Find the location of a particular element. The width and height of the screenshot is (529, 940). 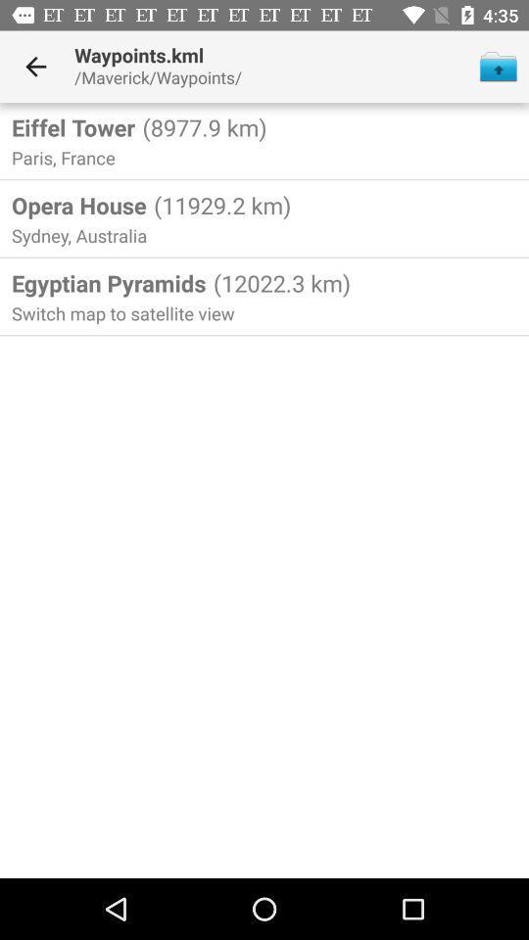

the item above sydney, australia  item is located at coordinates (77, 205).